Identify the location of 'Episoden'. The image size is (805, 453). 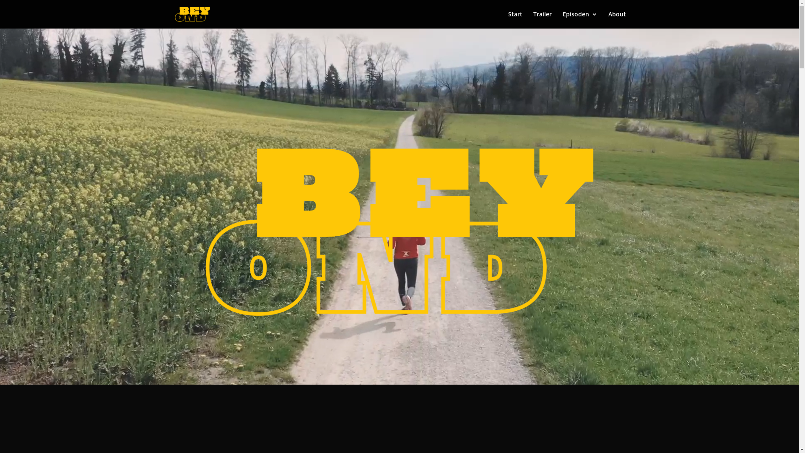
(579, 19).